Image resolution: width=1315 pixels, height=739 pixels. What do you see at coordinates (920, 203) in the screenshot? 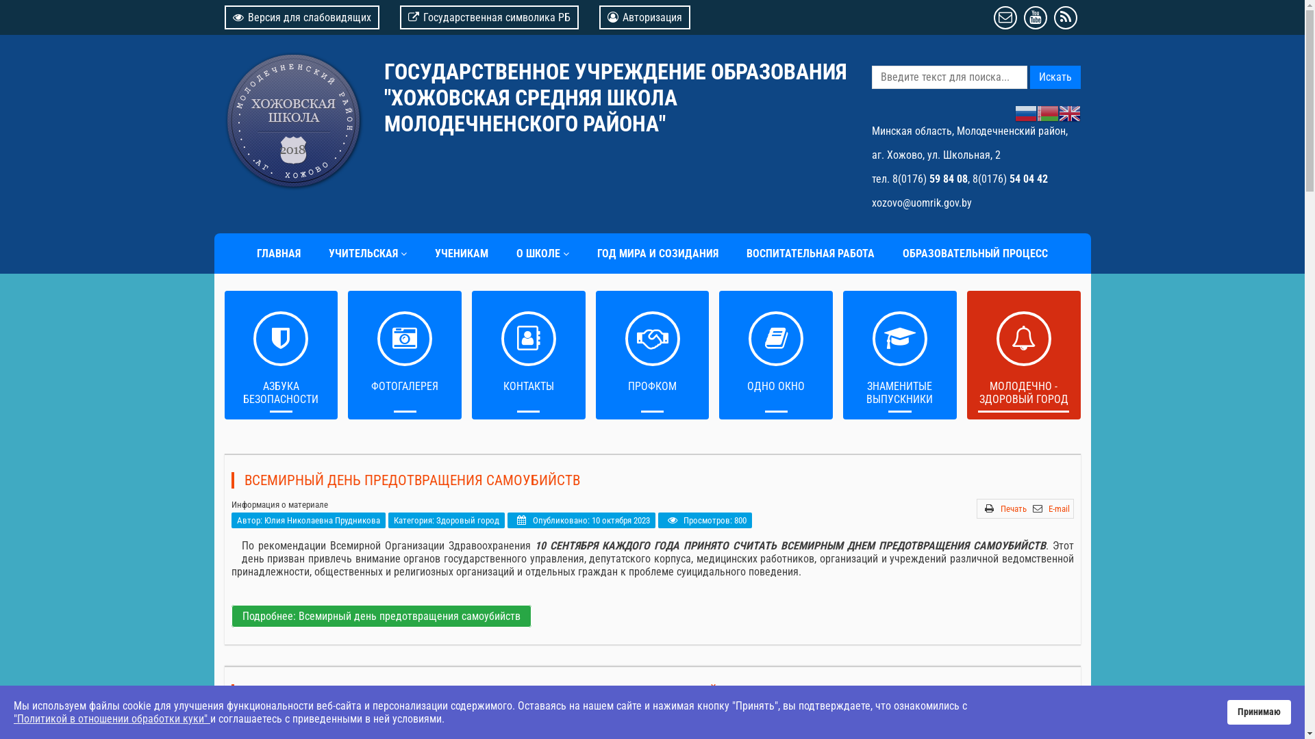
I see `'xozovo@uomrik.gov.by'` at bounding box center [920, 203].